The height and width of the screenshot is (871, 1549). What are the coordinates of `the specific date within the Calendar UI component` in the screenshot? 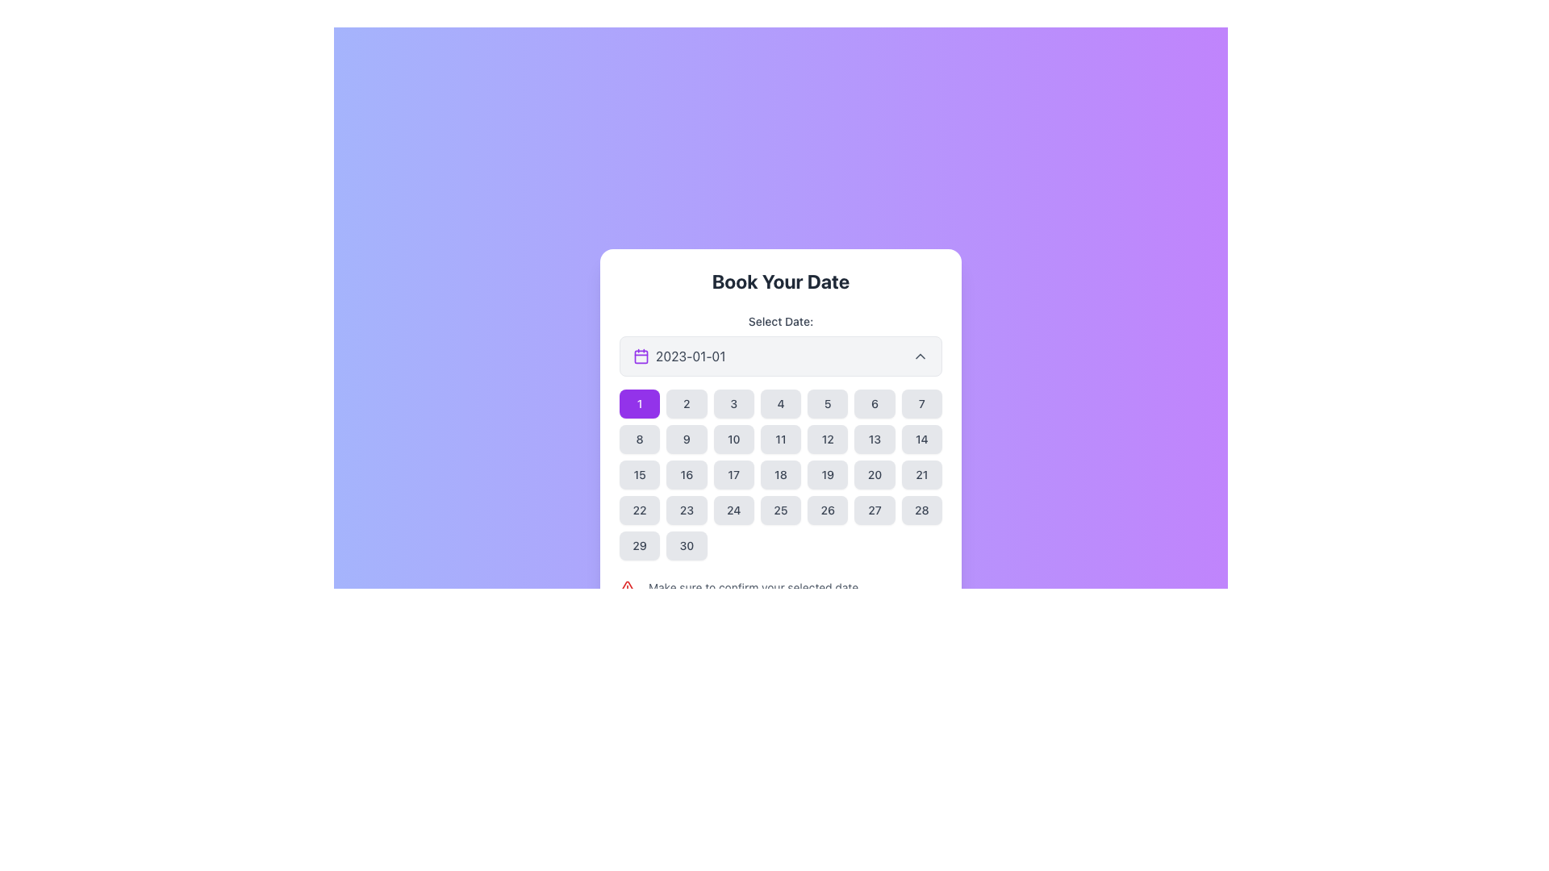 It's located at (781, 463).